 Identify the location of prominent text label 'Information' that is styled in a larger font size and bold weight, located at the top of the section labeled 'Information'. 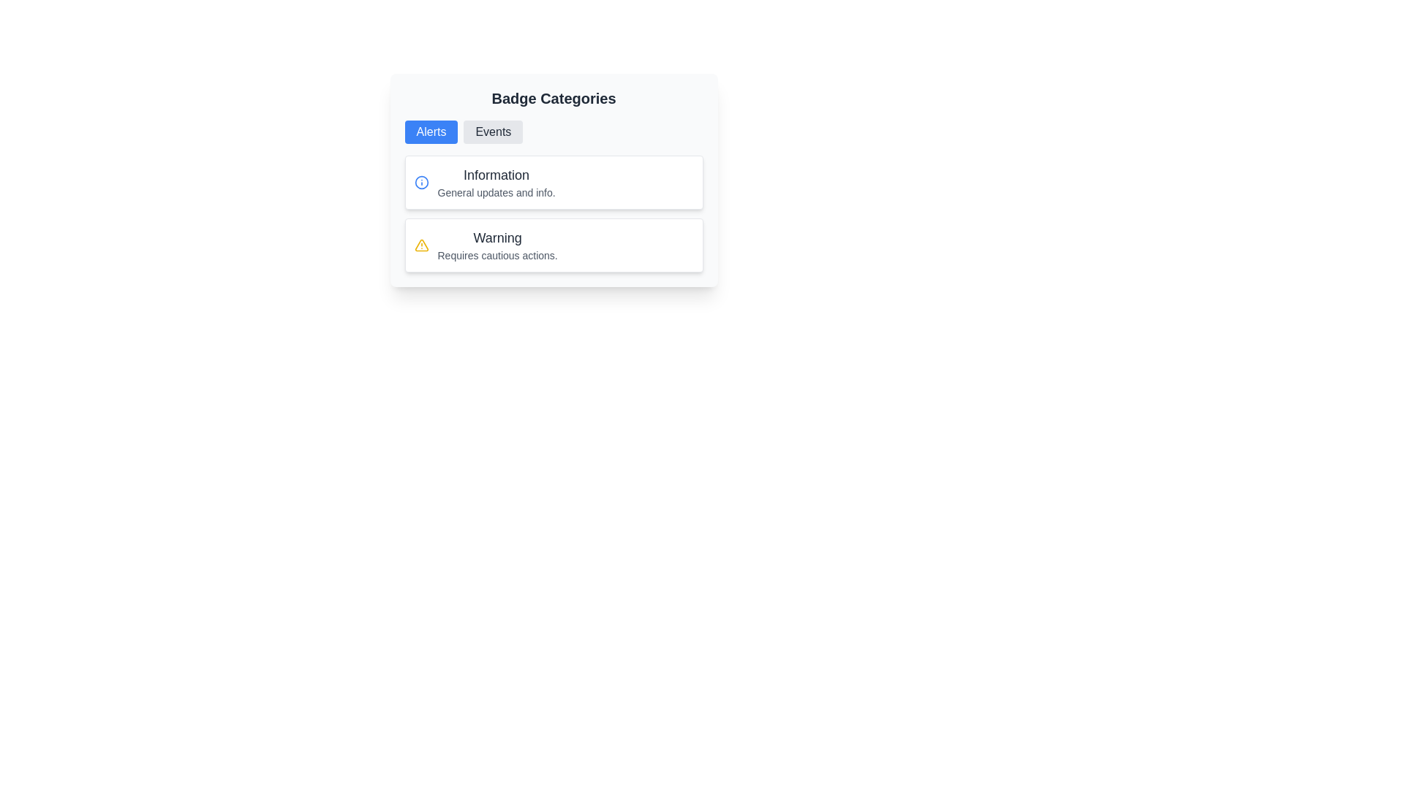
(497, 174).